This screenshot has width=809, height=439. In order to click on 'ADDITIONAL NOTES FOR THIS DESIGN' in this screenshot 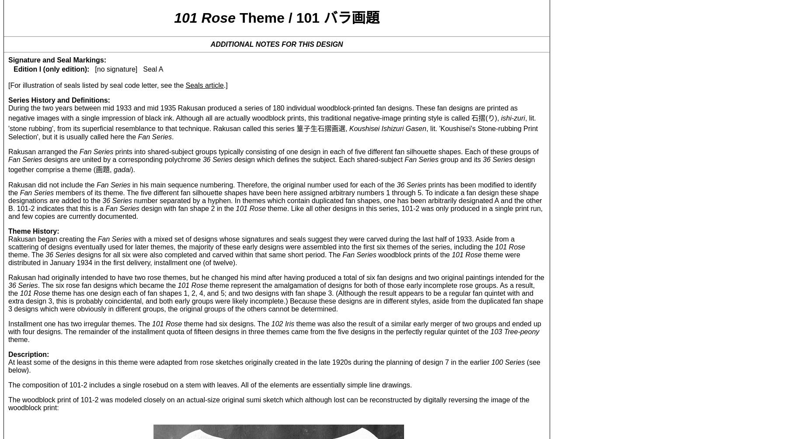, I will do `click(210, 44)`.